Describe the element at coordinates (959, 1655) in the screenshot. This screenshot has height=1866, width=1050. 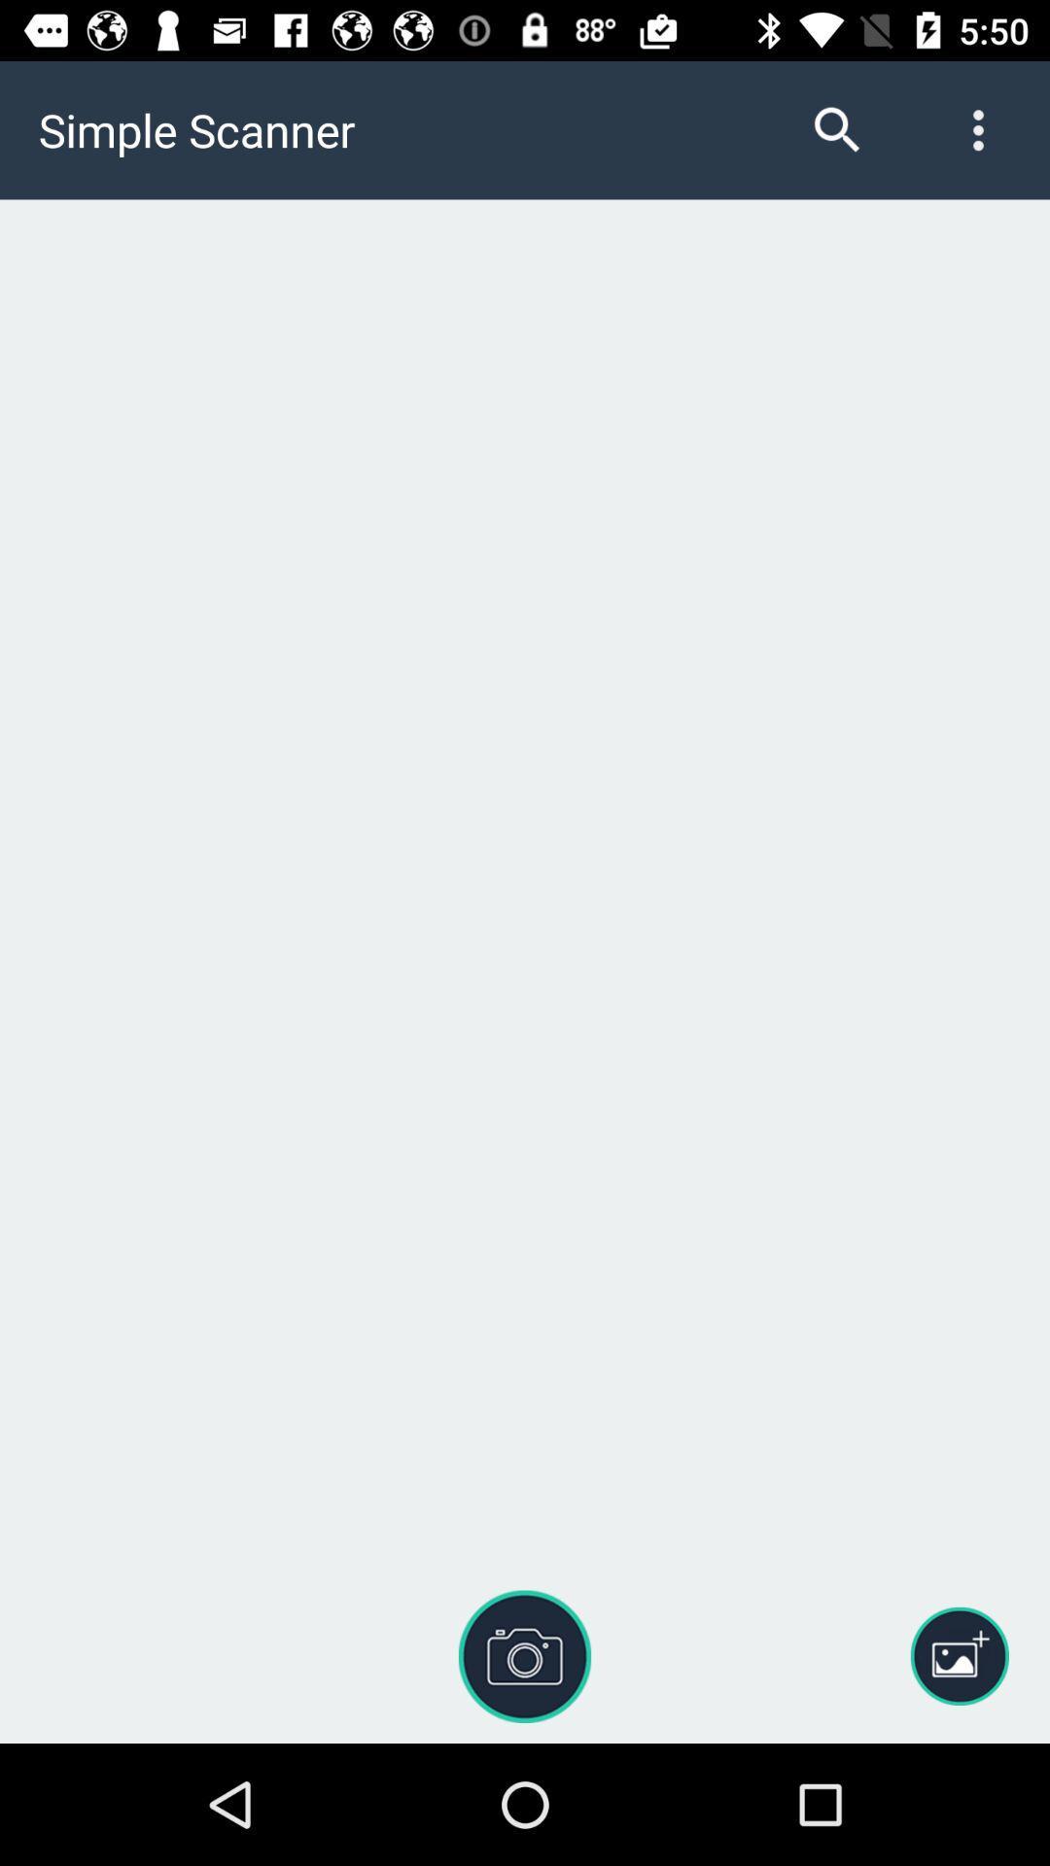
I see `the icon at the bottom right corner` at that location.